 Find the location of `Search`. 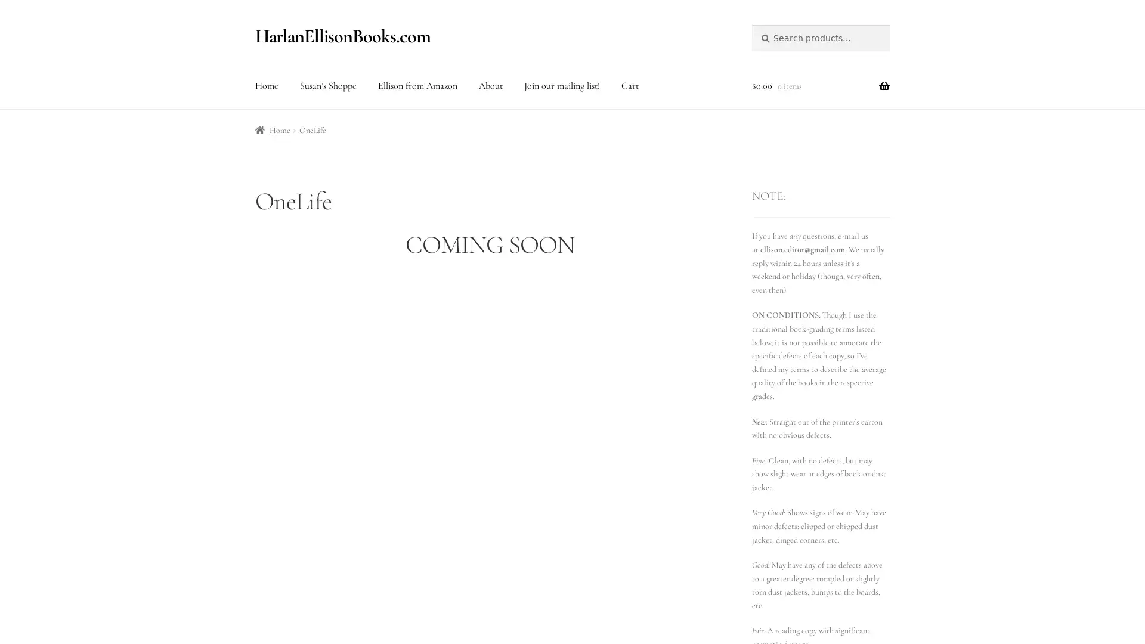

Search is located at coordinates (750, 24).